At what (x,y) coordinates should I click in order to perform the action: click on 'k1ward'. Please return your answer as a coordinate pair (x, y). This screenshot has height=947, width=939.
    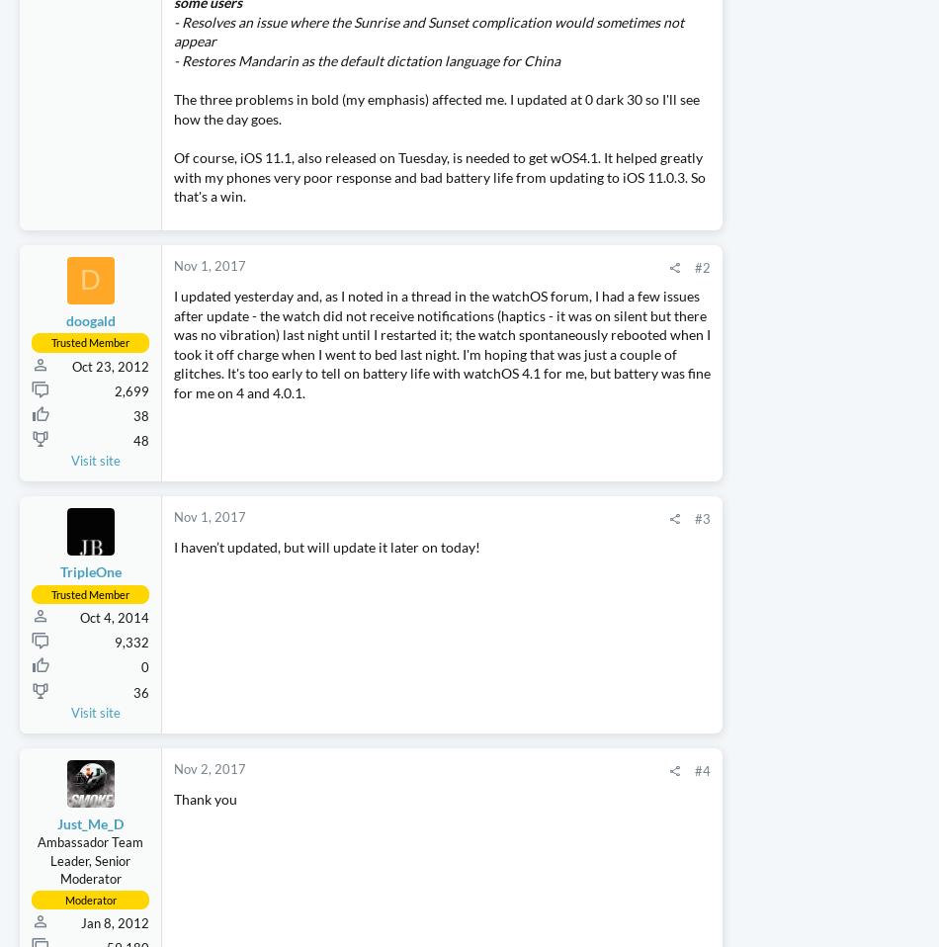
    Looking at the image, I should click on (676, 672).